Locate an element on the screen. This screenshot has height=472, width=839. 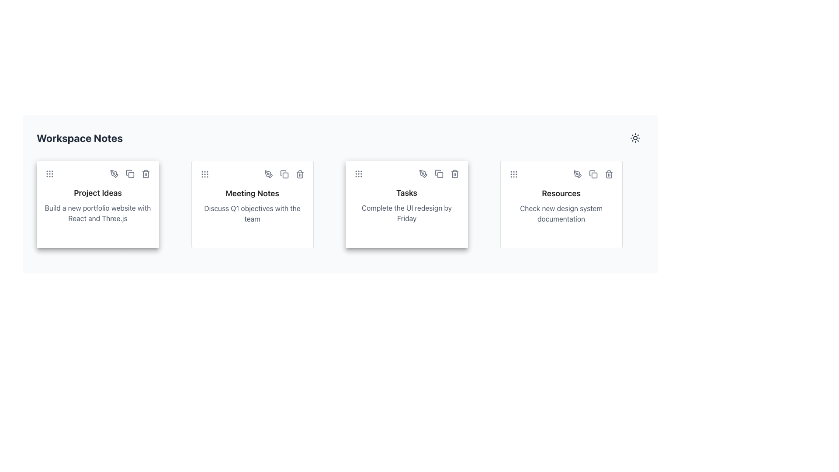
the copy icon button located in the top-right corner of the 'Resources' card to duplicate the associated content is located at coordinates (593, 174).